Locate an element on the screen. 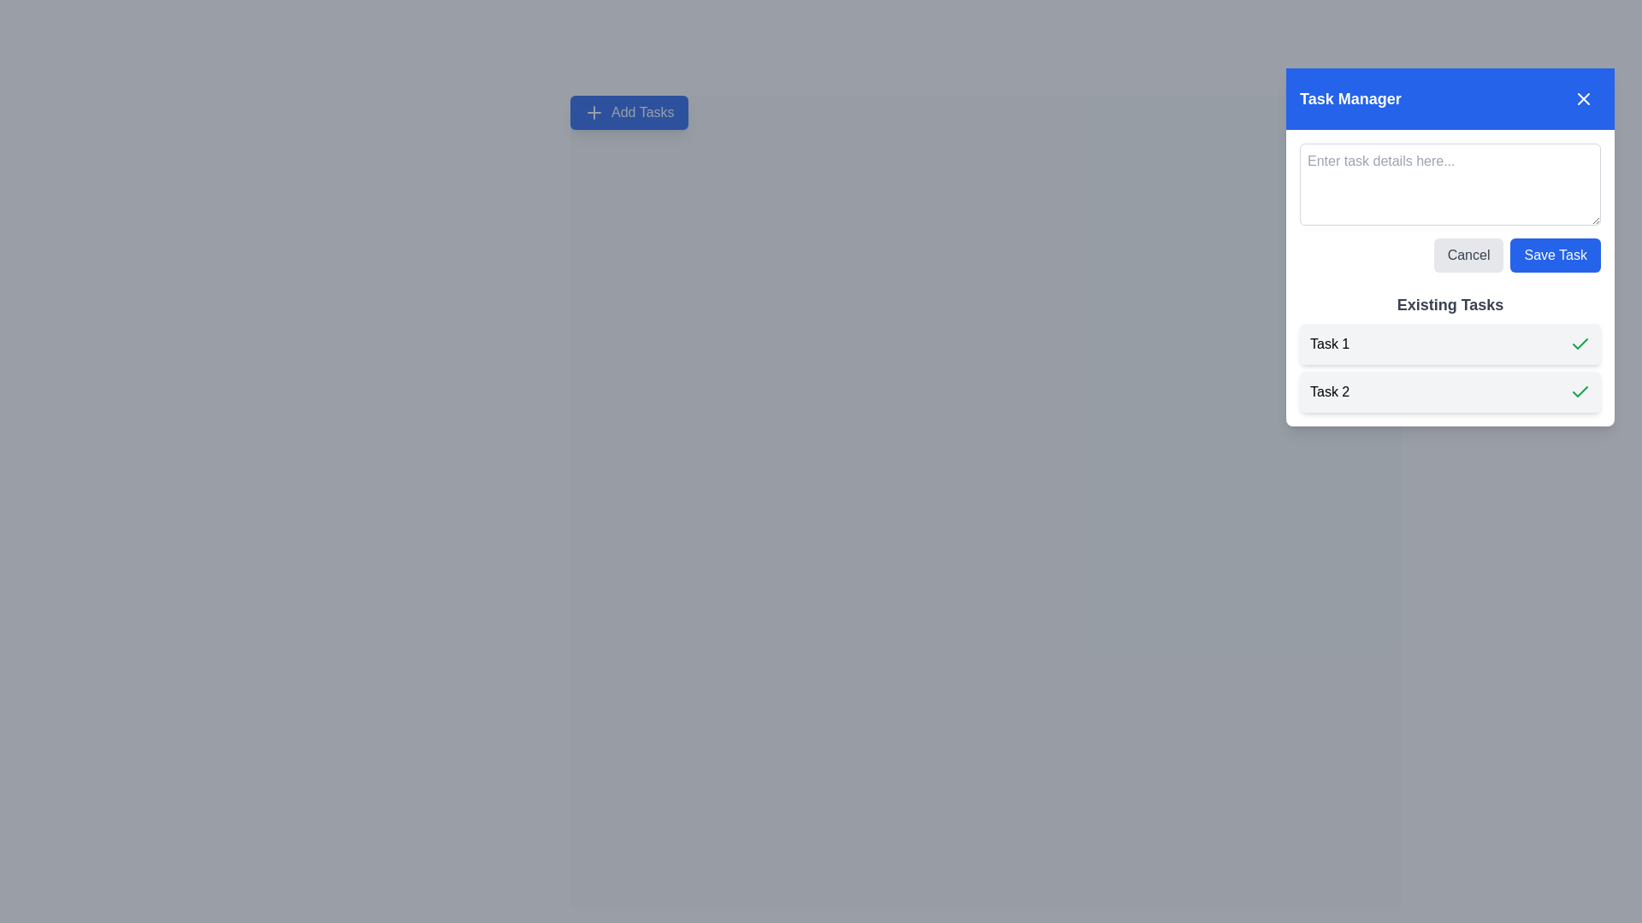 The width and height of the screenshot is (1642, 923). the small green checkmark icon indicating completion, located to the far right of the 'Task 2' label in the 'Existing Tasks' section is located at coordinates (1580, 392).